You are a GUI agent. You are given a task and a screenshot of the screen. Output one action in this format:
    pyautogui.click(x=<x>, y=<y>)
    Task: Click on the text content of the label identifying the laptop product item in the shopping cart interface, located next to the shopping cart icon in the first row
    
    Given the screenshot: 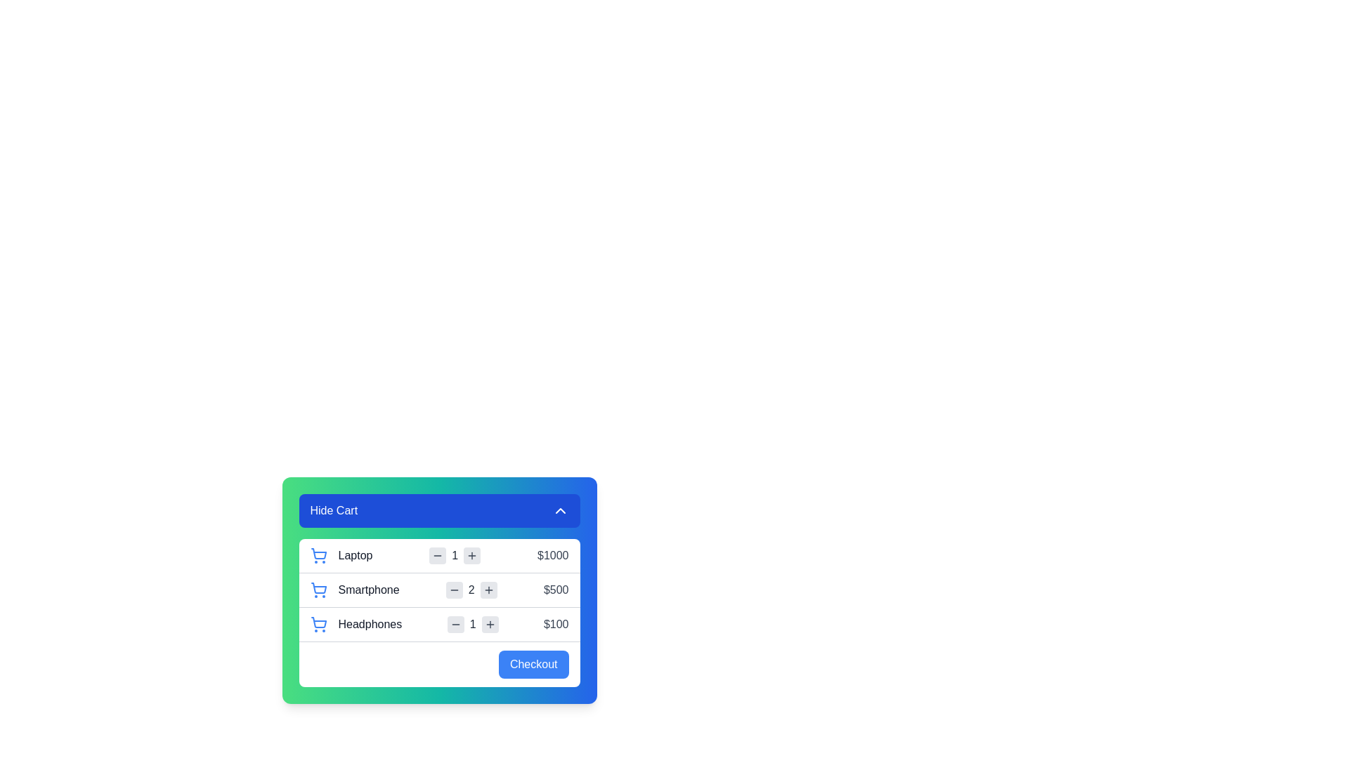 What is the action you would take?
    pyautogui.click(x=355, y=554)
    